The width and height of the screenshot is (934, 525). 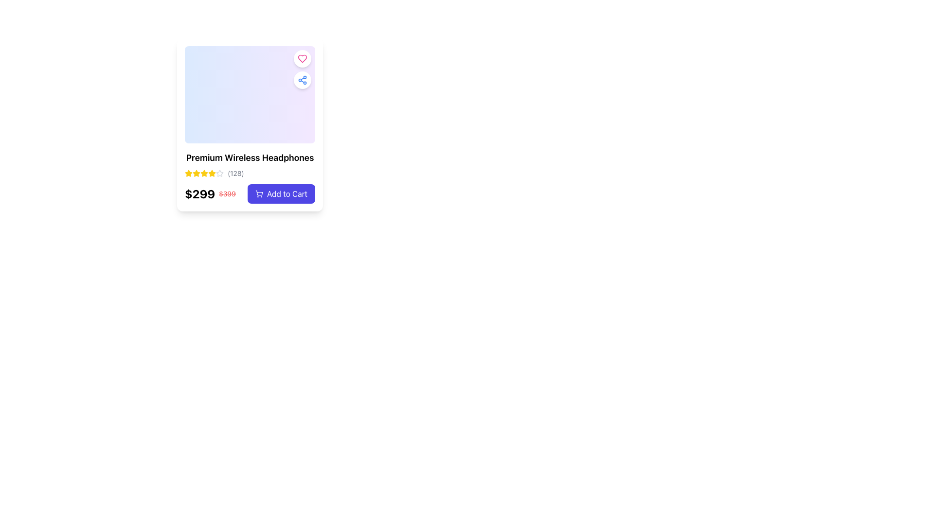 What do you see at coordinates (259, 193) in the screenshot?
I see `the 'Add to Cart' icon located at the lower-right portion of the product card` at bounding box center [259, 193].